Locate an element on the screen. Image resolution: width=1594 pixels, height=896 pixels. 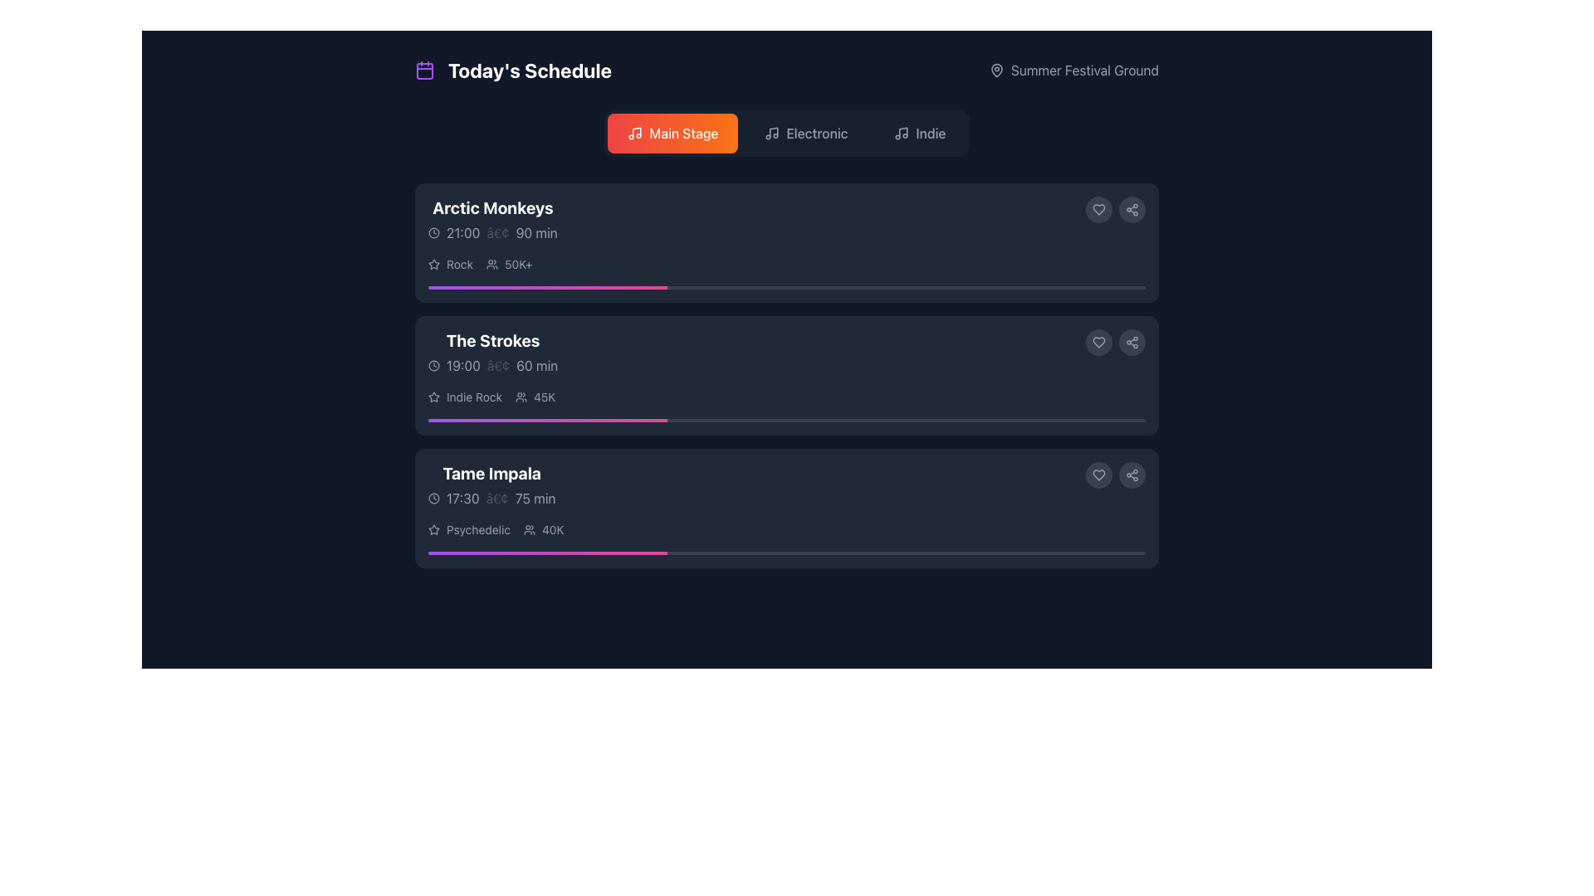
the sleek, narrow progress bar with a gradient from purple to pink located in the third card under the 'Tame Impala' section is located at coordinates (786, 553).